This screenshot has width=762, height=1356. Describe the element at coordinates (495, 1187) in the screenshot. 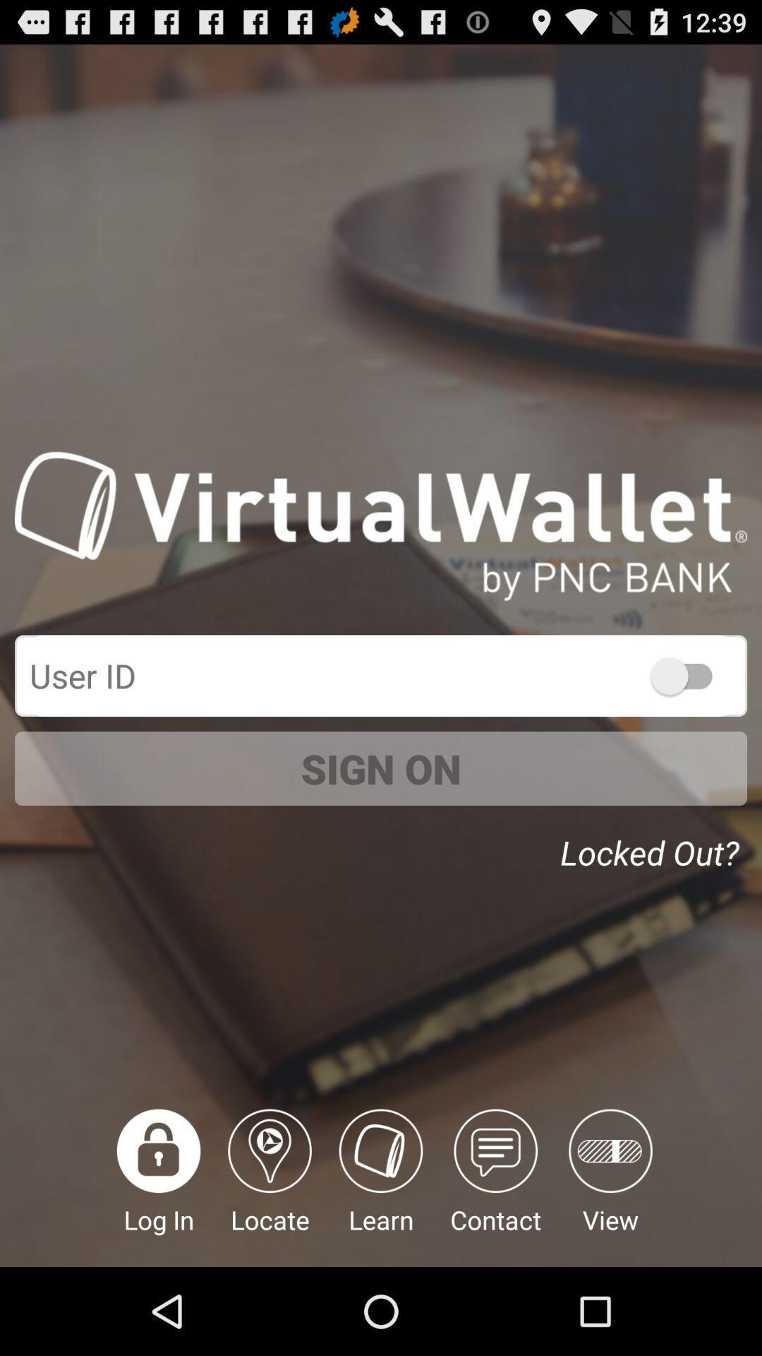

I see `the item next to the learn` at that location.